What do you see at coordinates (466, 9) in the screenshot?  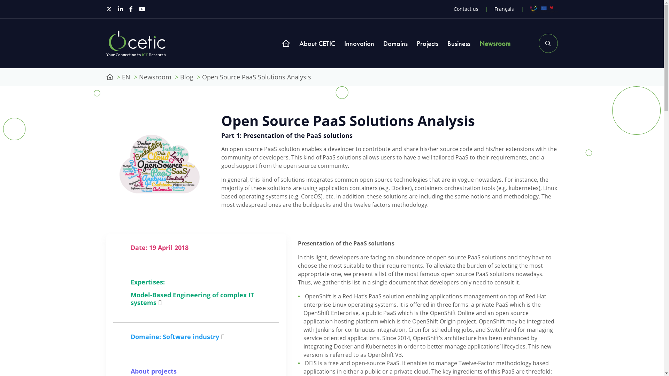 I see `'Contact us'` at bounding box center [466, 9].